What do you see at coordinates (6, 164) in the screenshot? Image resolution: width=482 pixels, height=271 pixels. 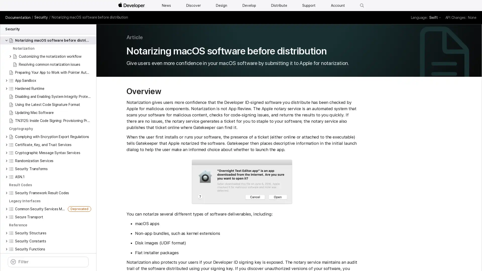 I see `Randomization Services` at bounding box center [6, 164].